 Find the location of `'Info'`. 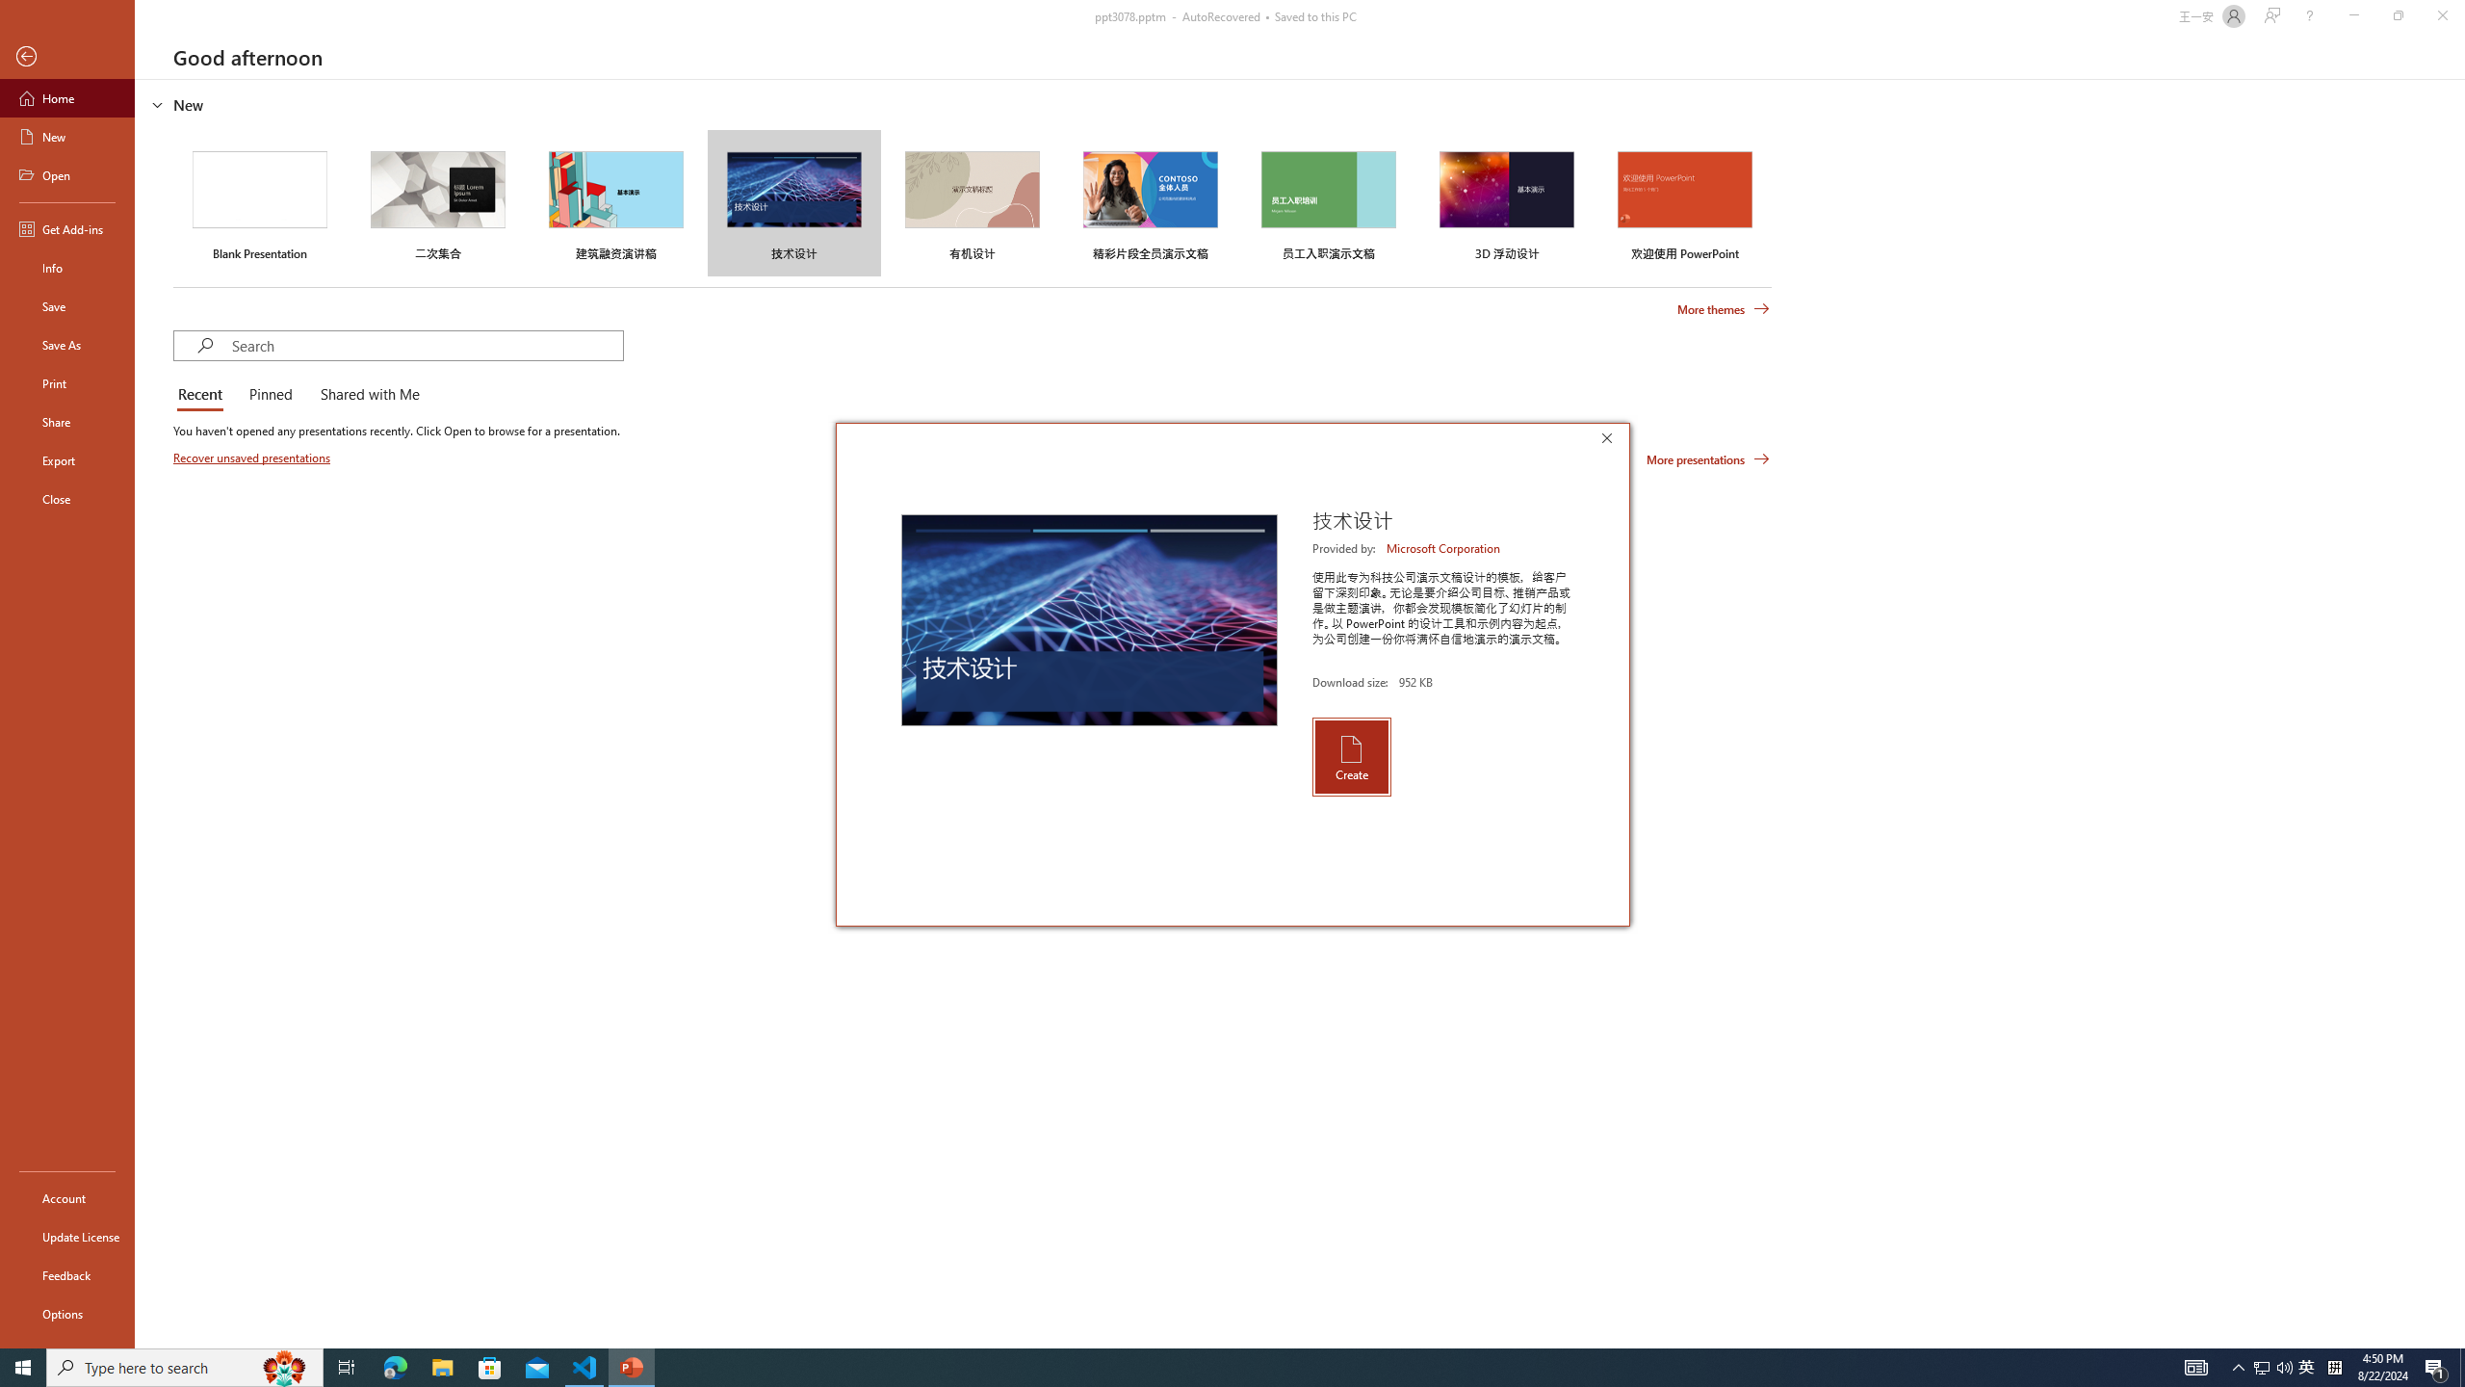

'Info' is located at coordinates (66, 266).